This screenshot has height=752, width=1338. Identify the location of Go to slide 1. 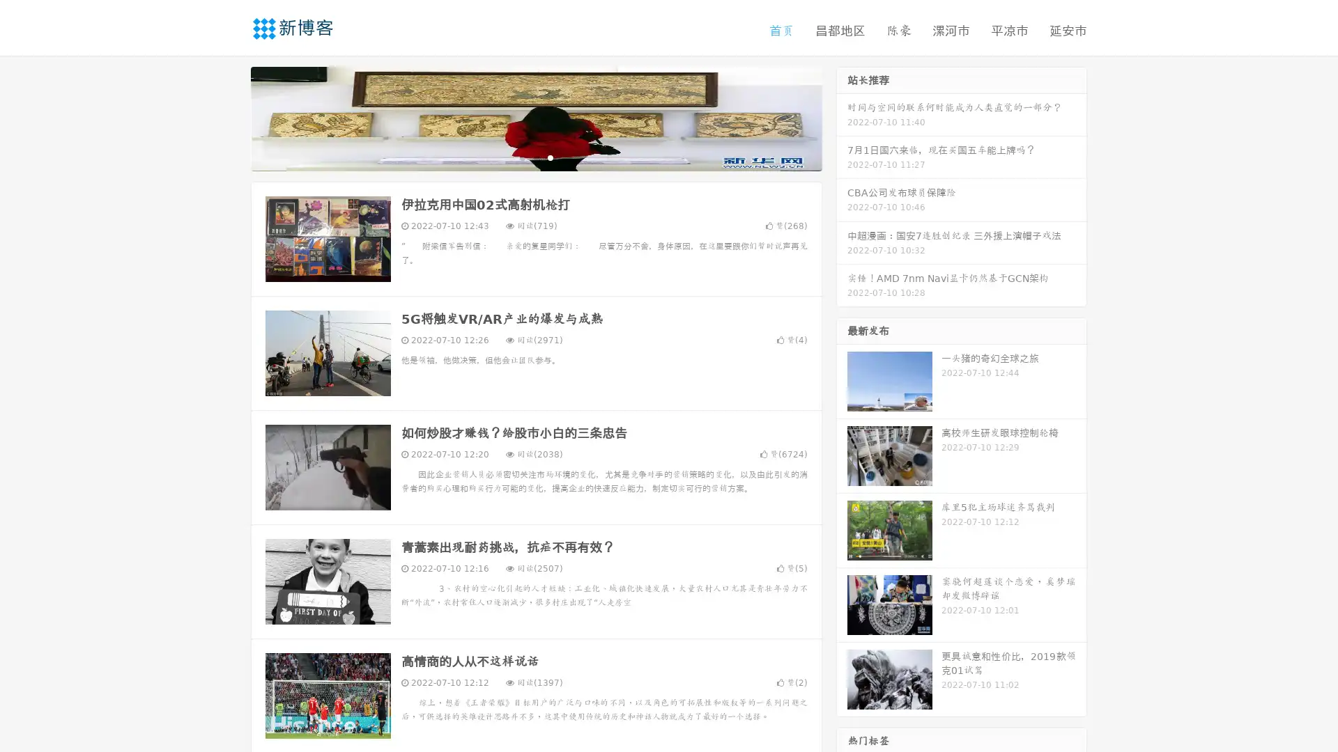
(521, 157).